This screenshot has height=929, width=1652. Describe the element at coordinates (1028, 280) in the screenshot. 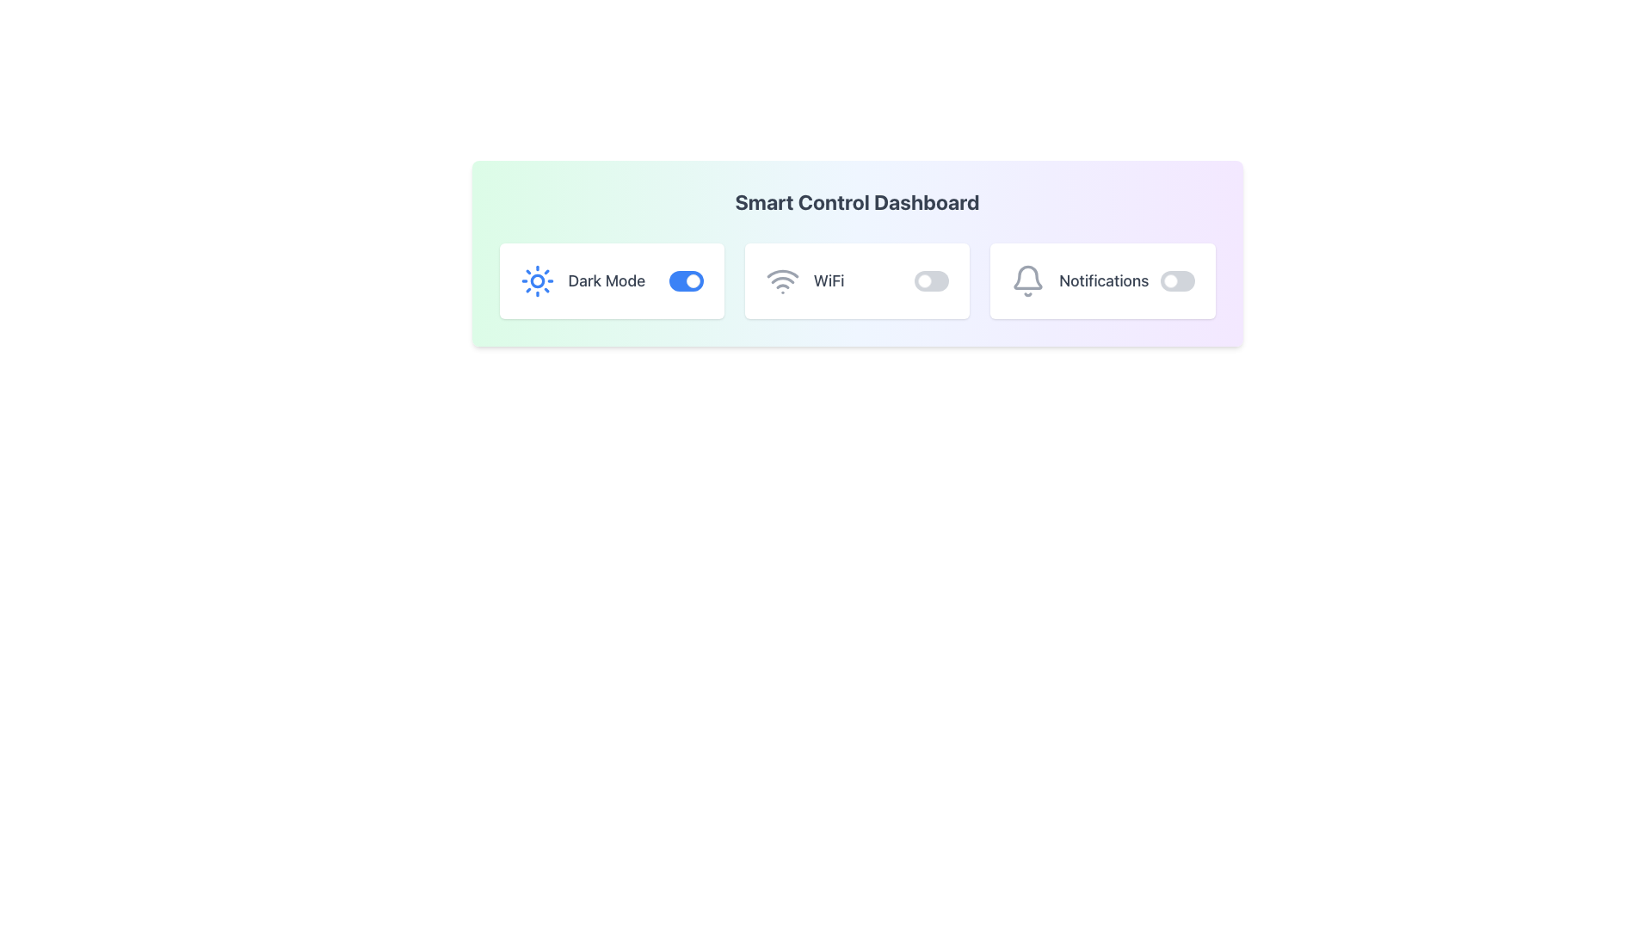

I see `the bell-shaped icon with a gray outline located within the 'Notifications' section on the right side of the dashboard interface` at that location.